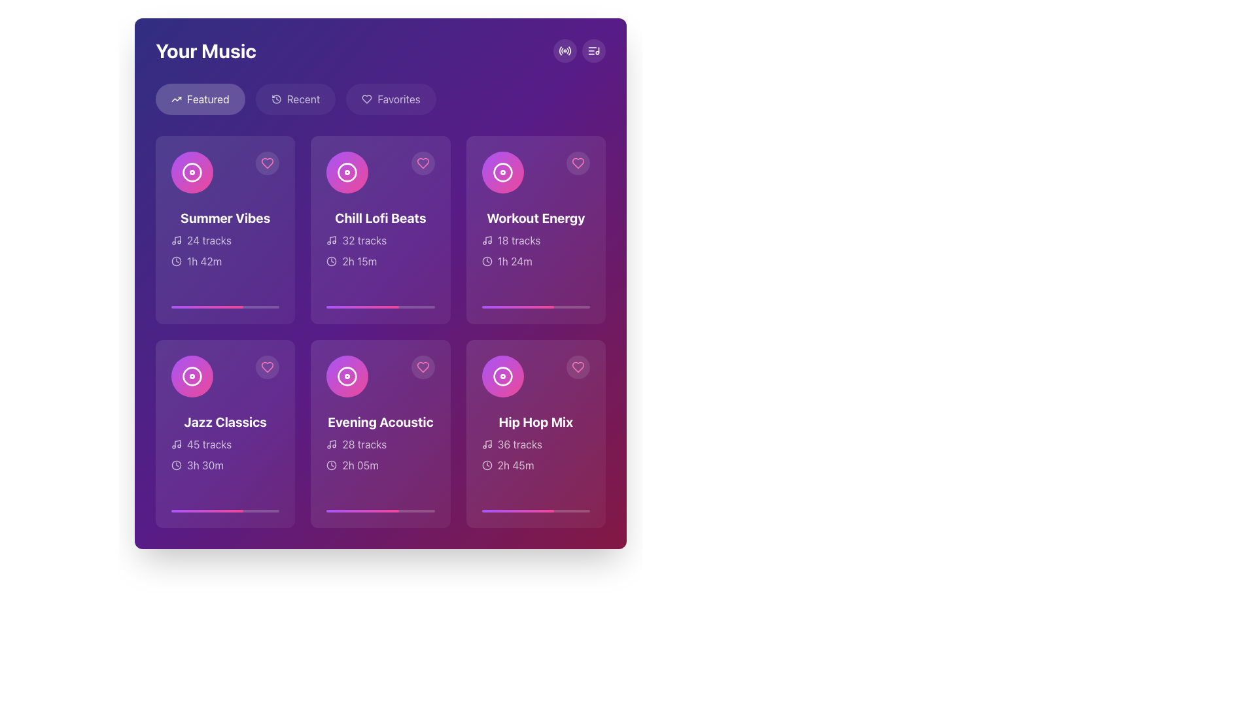  What do you see at coordinates (347, 376) in the screenshot?
I see `the graphical disc icon with a white stroke located in the center of the image card titled 'Evening Acoustic'` at bounding box center [347, 376].